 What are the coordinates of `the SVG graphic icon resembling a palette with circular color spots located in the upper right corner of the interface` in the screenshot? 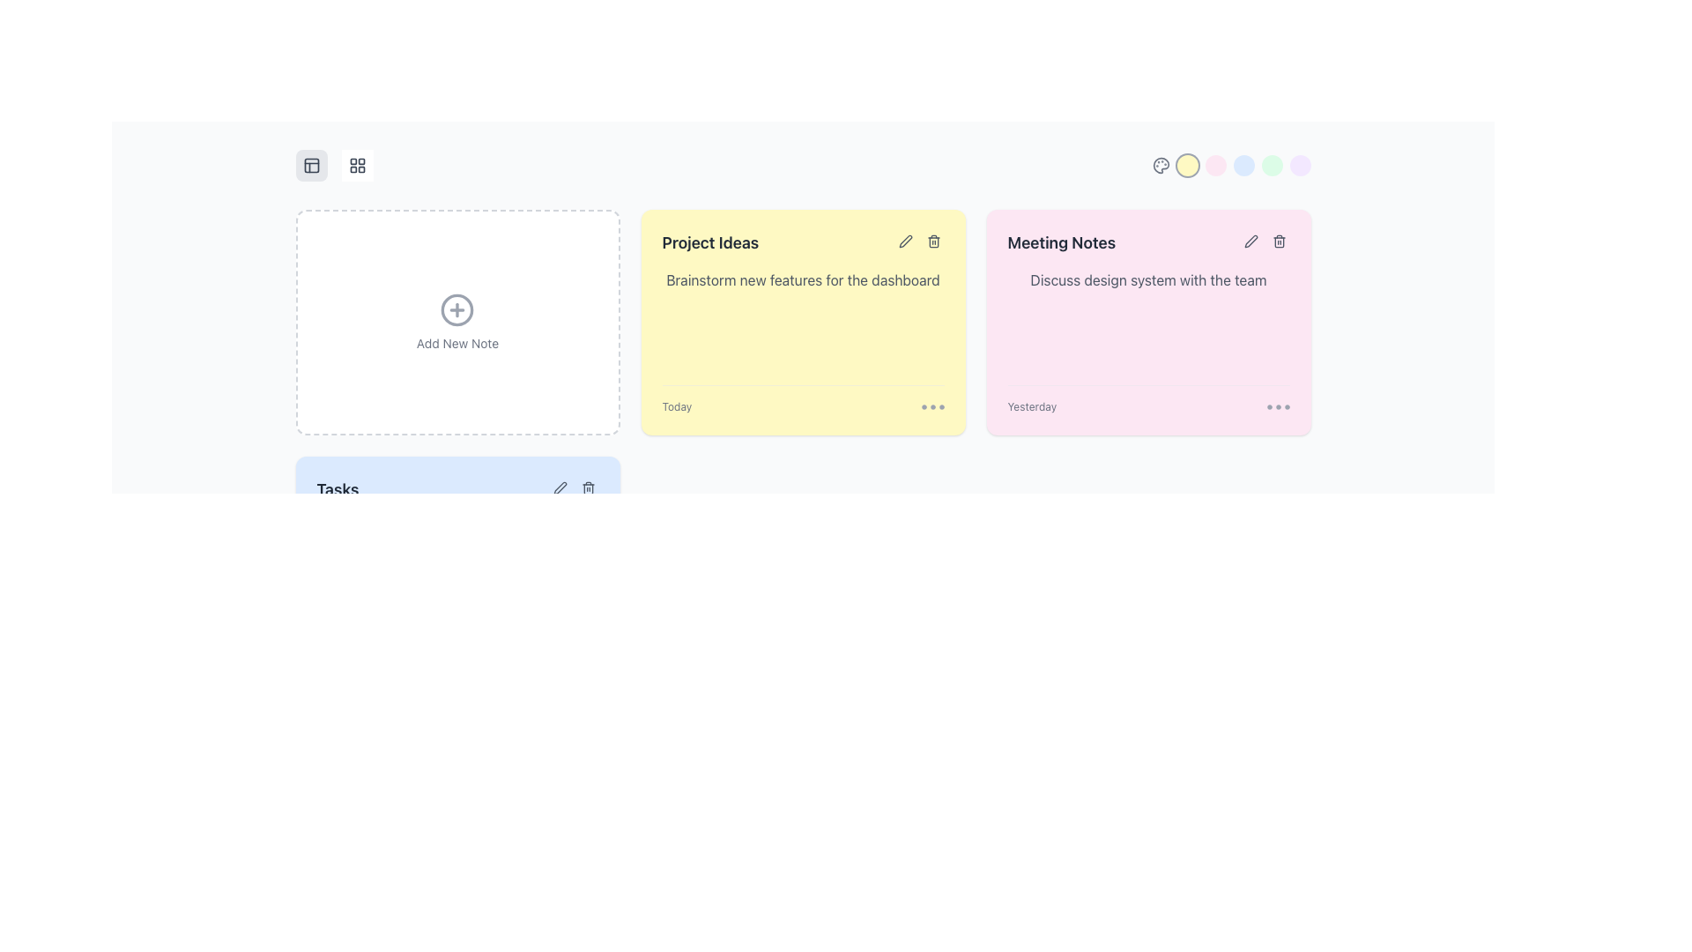 It's located at (1160, 166).